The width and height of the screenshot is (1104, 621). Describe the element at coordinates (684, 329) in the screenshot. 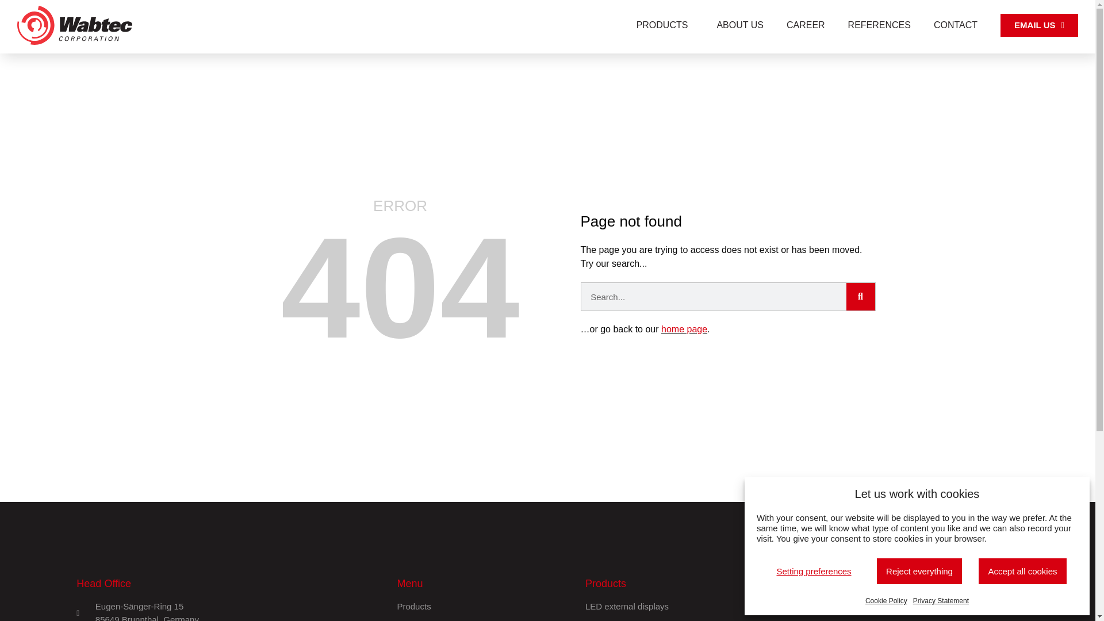

I see `'home page'` at that location.